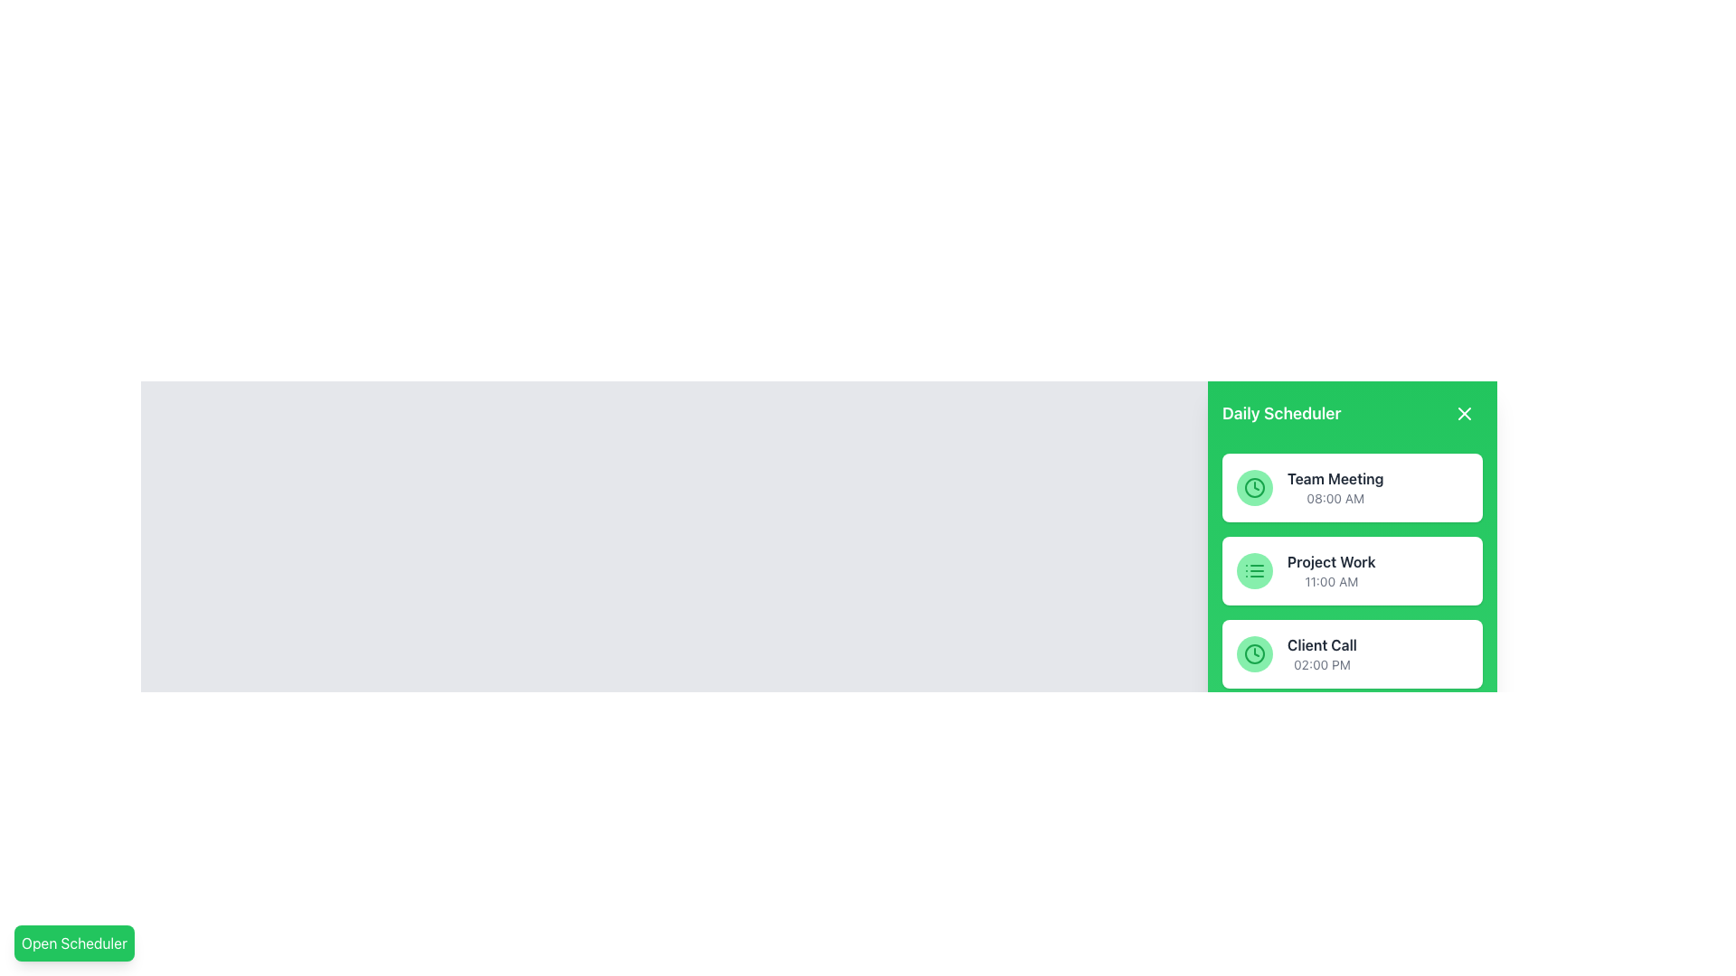 This screenshot has width=1736, height=976. I want to click on the scheduled event titled 'Client Call' at 02:00 PM, so click(1353, 654).